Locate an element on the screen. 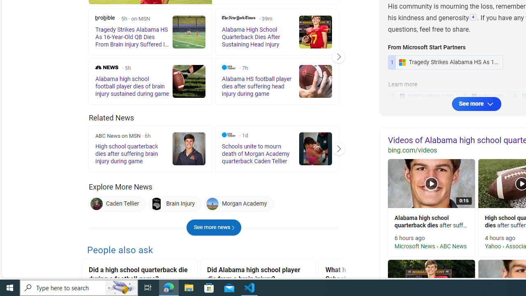 The image size is (526, 296). '4: ' is located at coordinates (473, 18).